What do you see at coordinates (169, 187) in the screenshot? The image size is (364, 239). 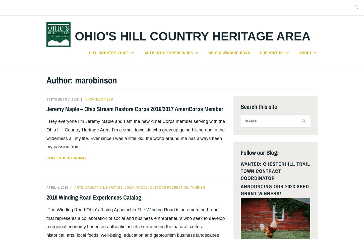 I see `'Outdoor Recreation'` at bounding box center [169, 187].